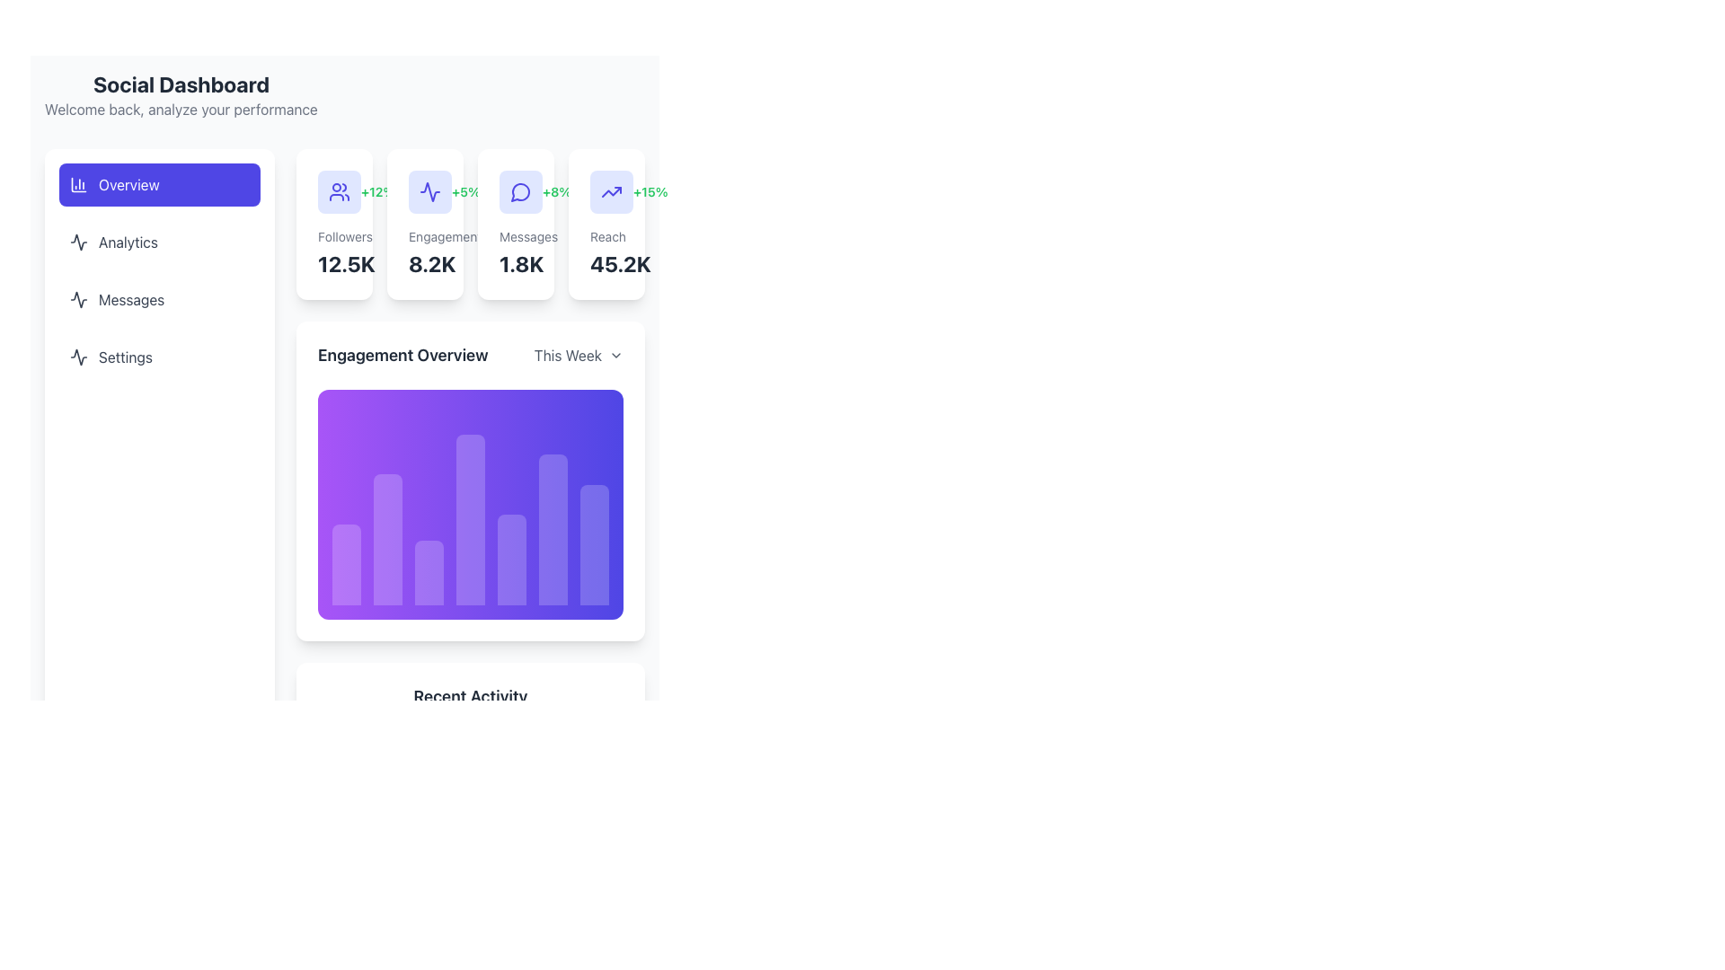  Describe the element at coordinates (77, 299) in the screenshot. I see `the line-style icon depicting an activity or waveform located in the vertical navigation menu, adjacent to the 'Messages' label` at that location.